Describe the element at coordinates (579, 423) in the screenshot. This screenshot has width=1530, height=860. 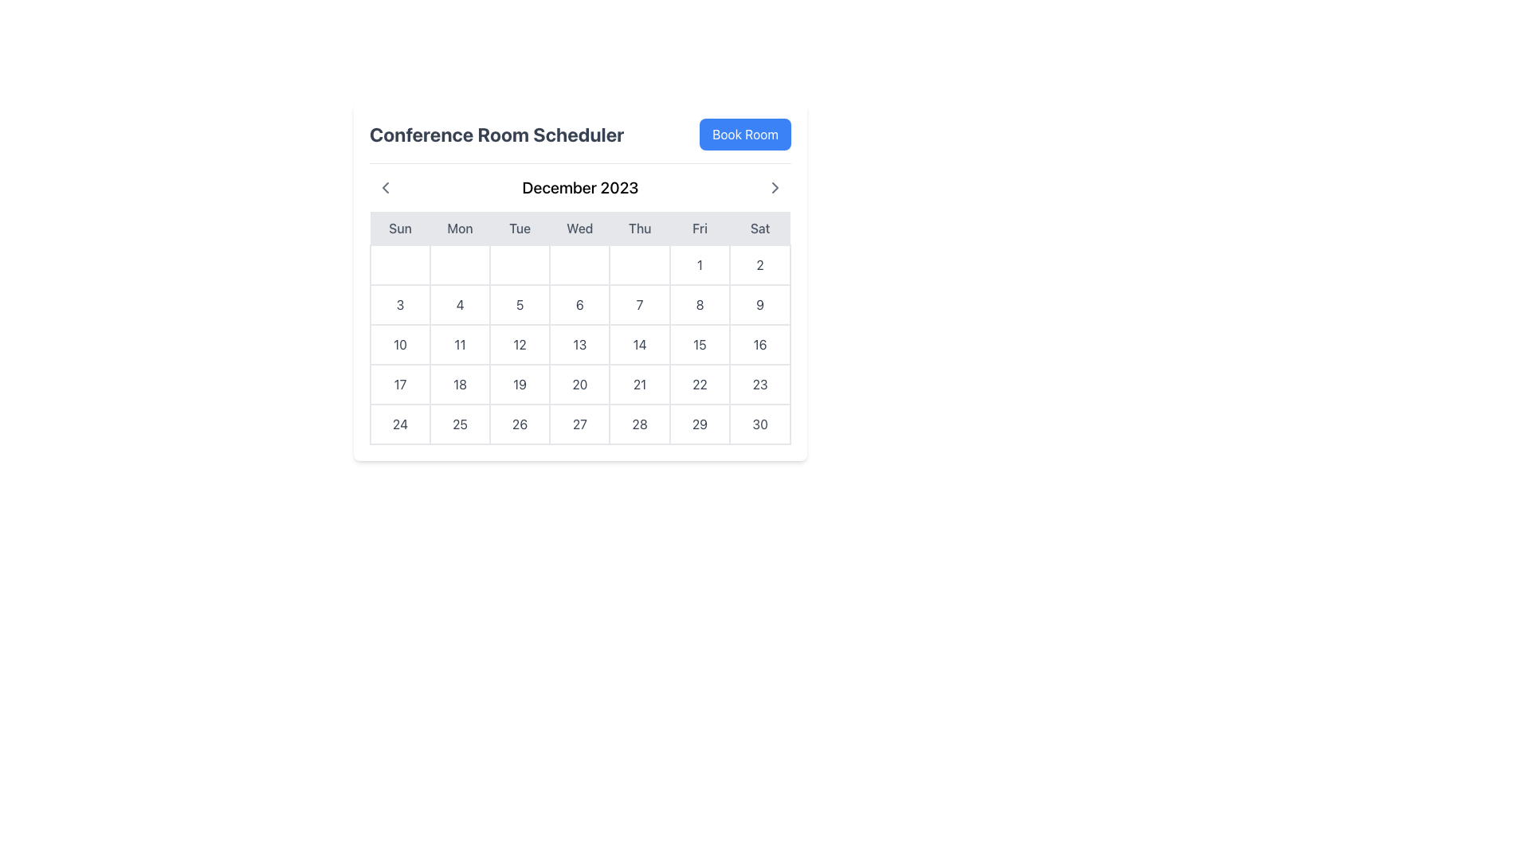
I see `the Calendar Date Box displaying the date 27th in December 2023, located centrally beneath the header 'Wed'` at that location.